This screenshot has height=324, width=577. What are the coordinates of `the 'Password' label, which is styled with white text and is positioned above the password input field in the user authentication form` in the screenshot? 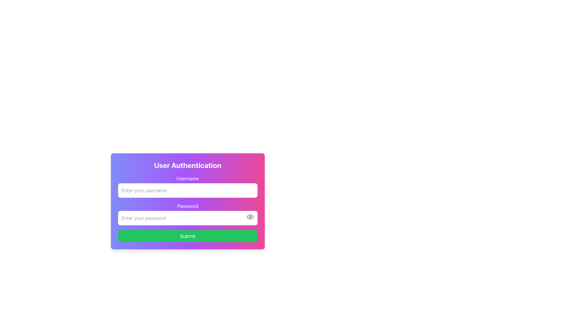 It's located at (187, 205).